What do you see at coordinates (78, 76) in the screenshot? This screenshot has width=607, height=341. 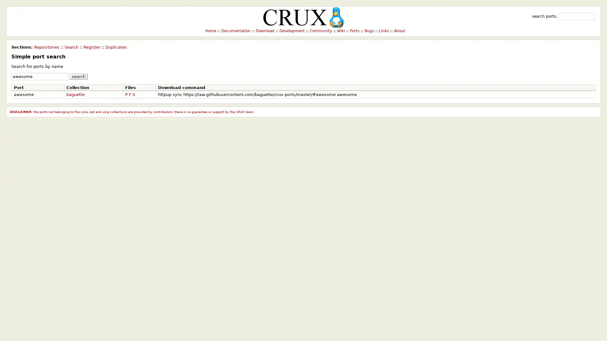 I see `search` at bounding box center [78, 76].